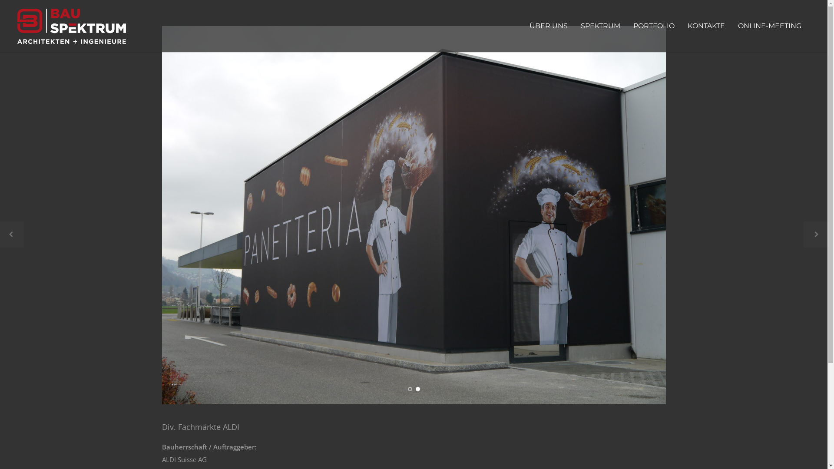 The width and height of the screenshot is (834, 469). What do you see at coordinates (417, 388) in the screenshot?
I see `'2'` at bounding box center [417, 388].